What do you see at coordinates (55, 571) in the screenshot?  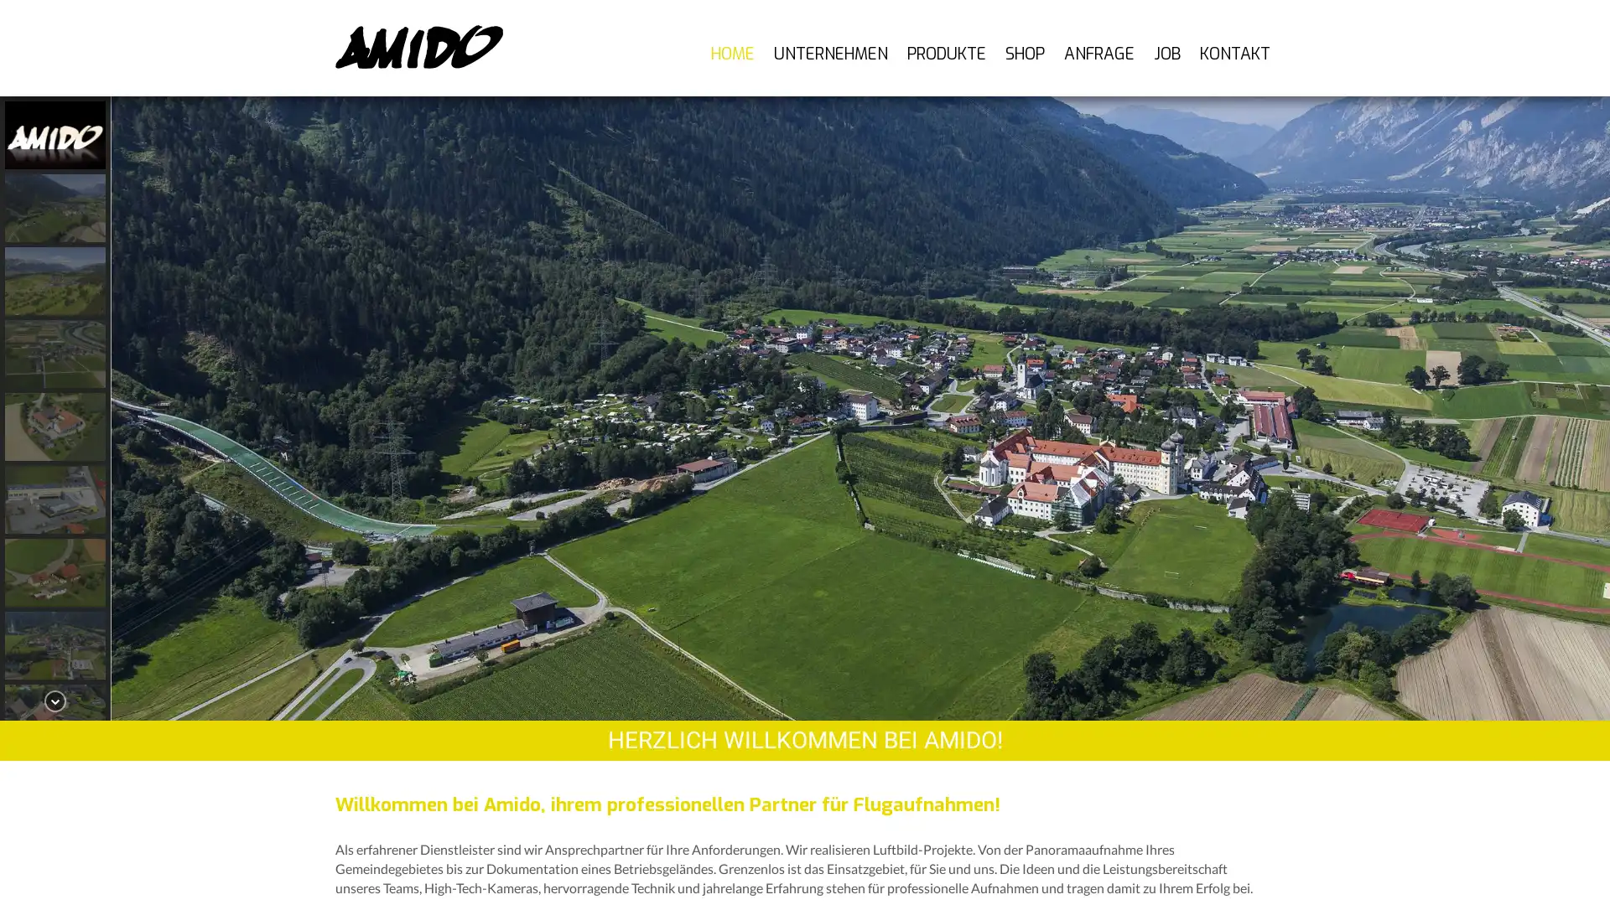 I see `Thumbnail 5 - copy` at bounding box center [55, 571].